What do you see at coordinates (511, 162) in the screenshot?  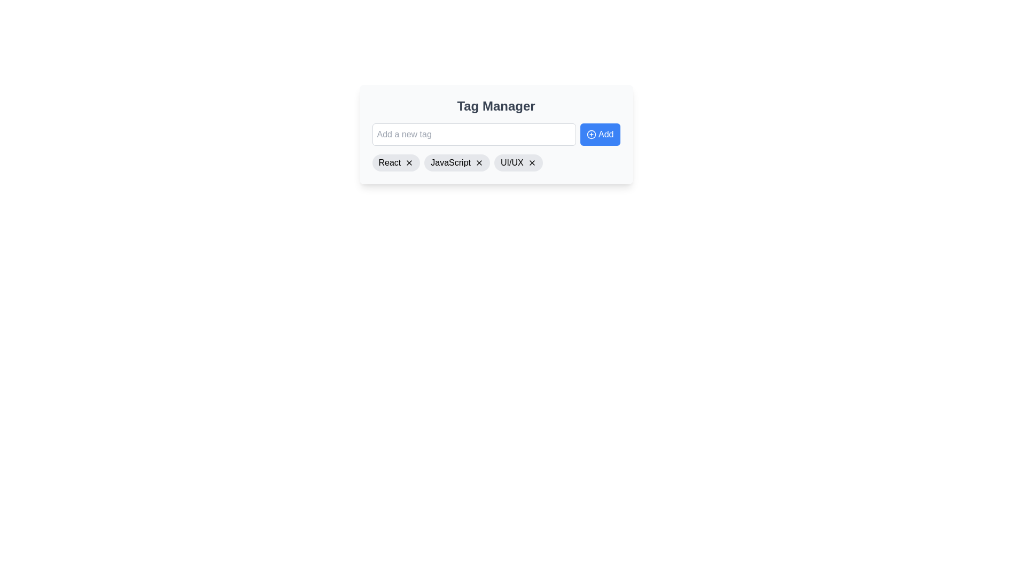 I see `the 'UI/UX' tag label element, which is the third tag in a horizontal row of tags below the 'Add a new tag' input field` at bounding box center [511, 162].